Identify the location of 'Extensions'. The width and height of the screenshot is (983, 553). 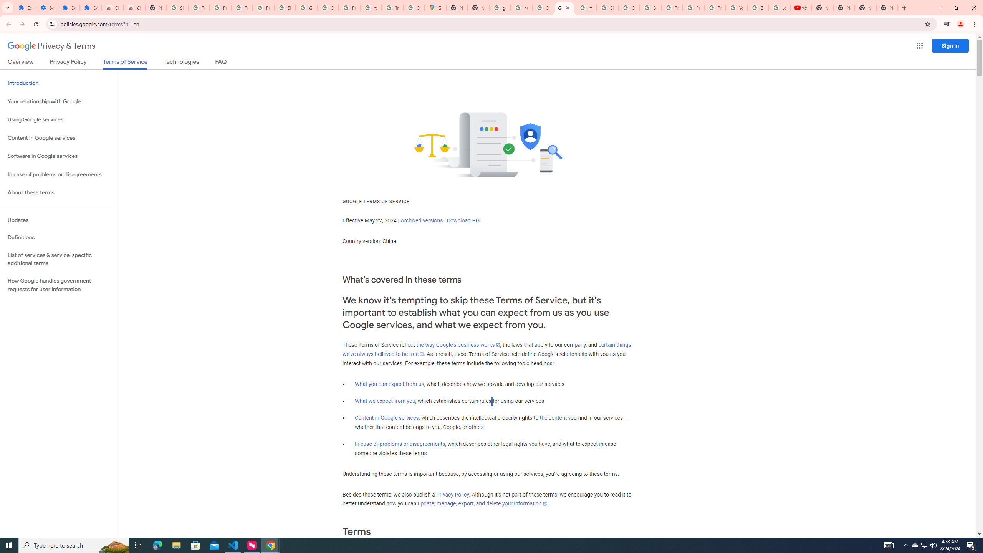
(25, 7).